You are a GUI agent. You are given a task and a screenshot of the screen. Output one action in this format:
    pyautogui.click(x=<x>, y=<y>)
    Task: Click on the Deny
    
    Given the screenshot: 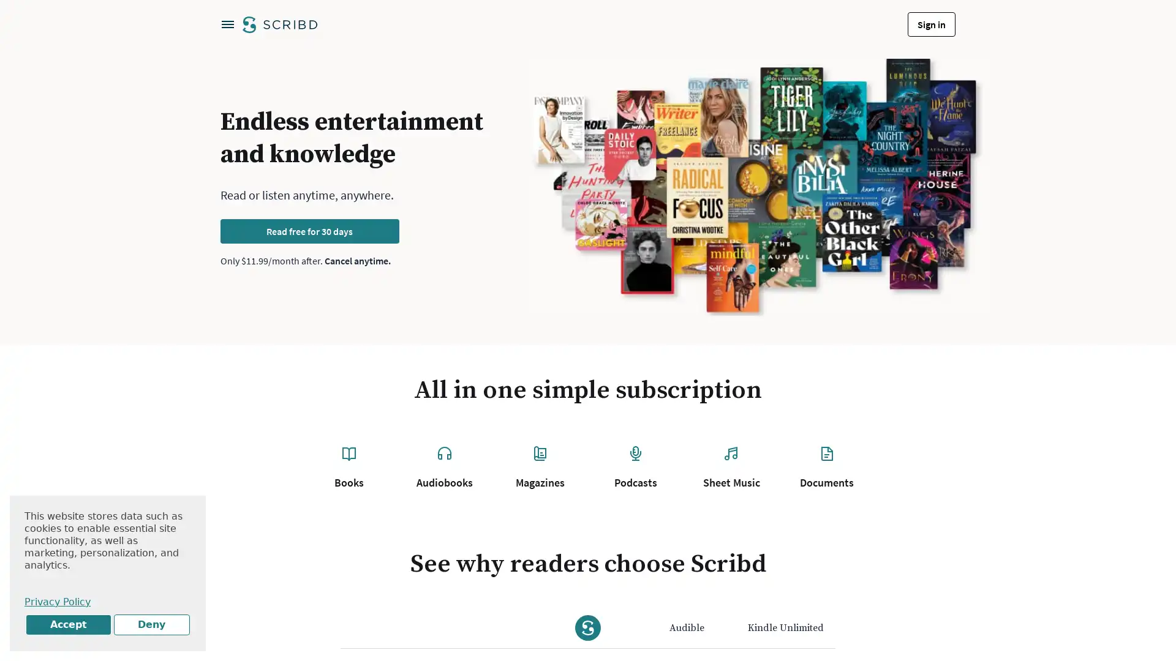 What is the action you would take?
    pyautogui.click(x=151, y=625)
    